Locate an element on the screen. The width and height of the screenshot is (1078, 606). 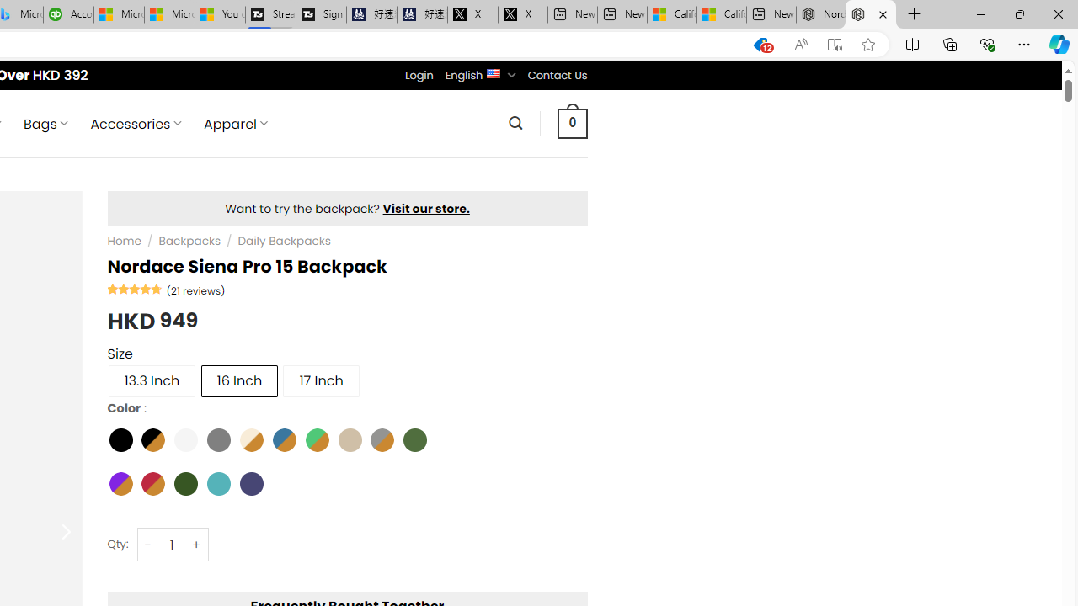
'Contact Us' is located at coordinates (557, 74).